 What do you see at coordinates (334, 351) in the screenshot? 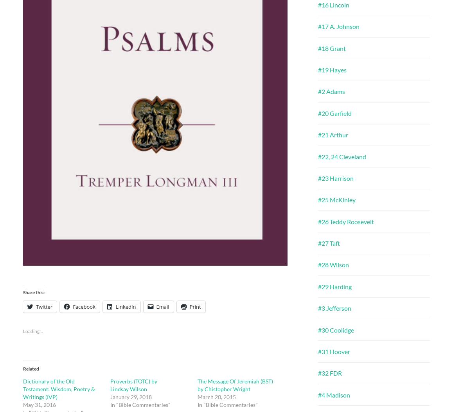
I see `'#31 Hoover'` at bounding box center [334, 351].